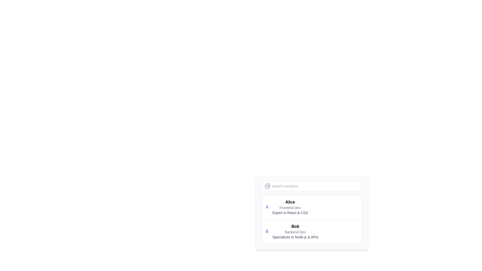  I want to click on the Text label that denotes the role or primary designation of the user Bob, positioned below the text 'Bob' and above 'Specializes in Node.js & APIs', so click(295, 232).